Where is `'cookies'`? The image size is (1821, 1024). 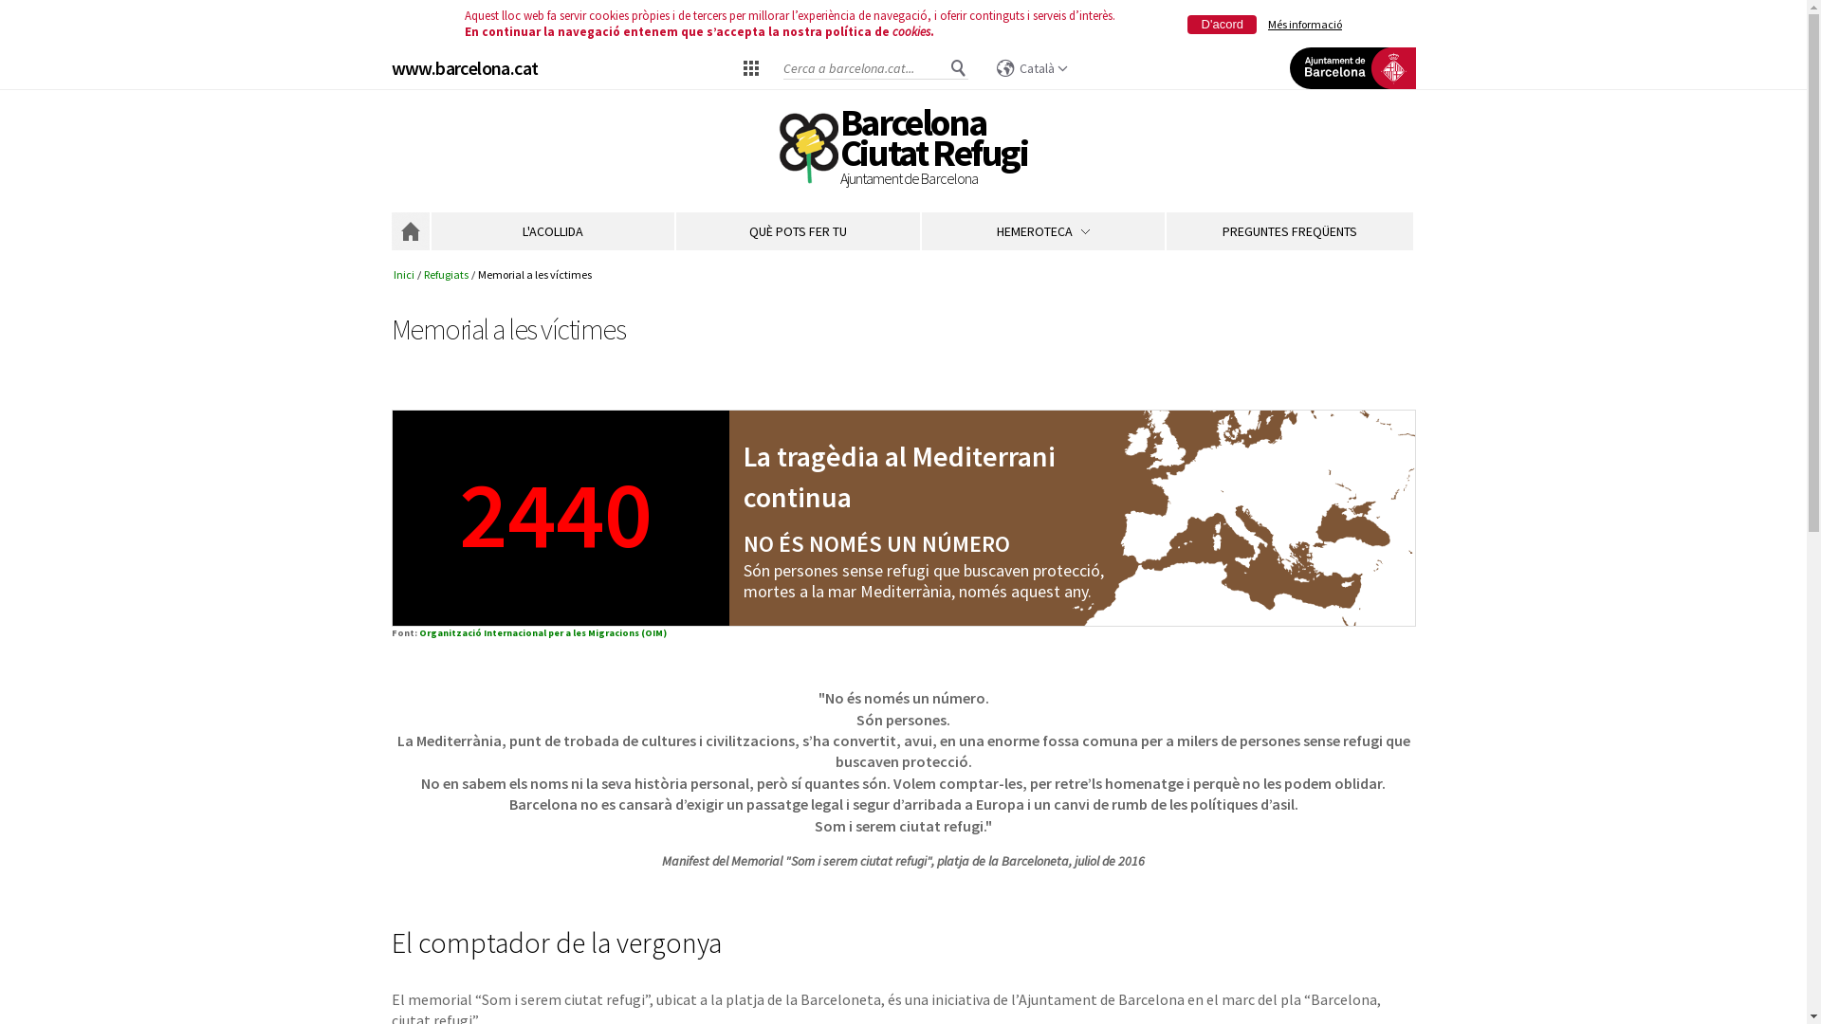
'cookies' is located at coordinates (910, 31).